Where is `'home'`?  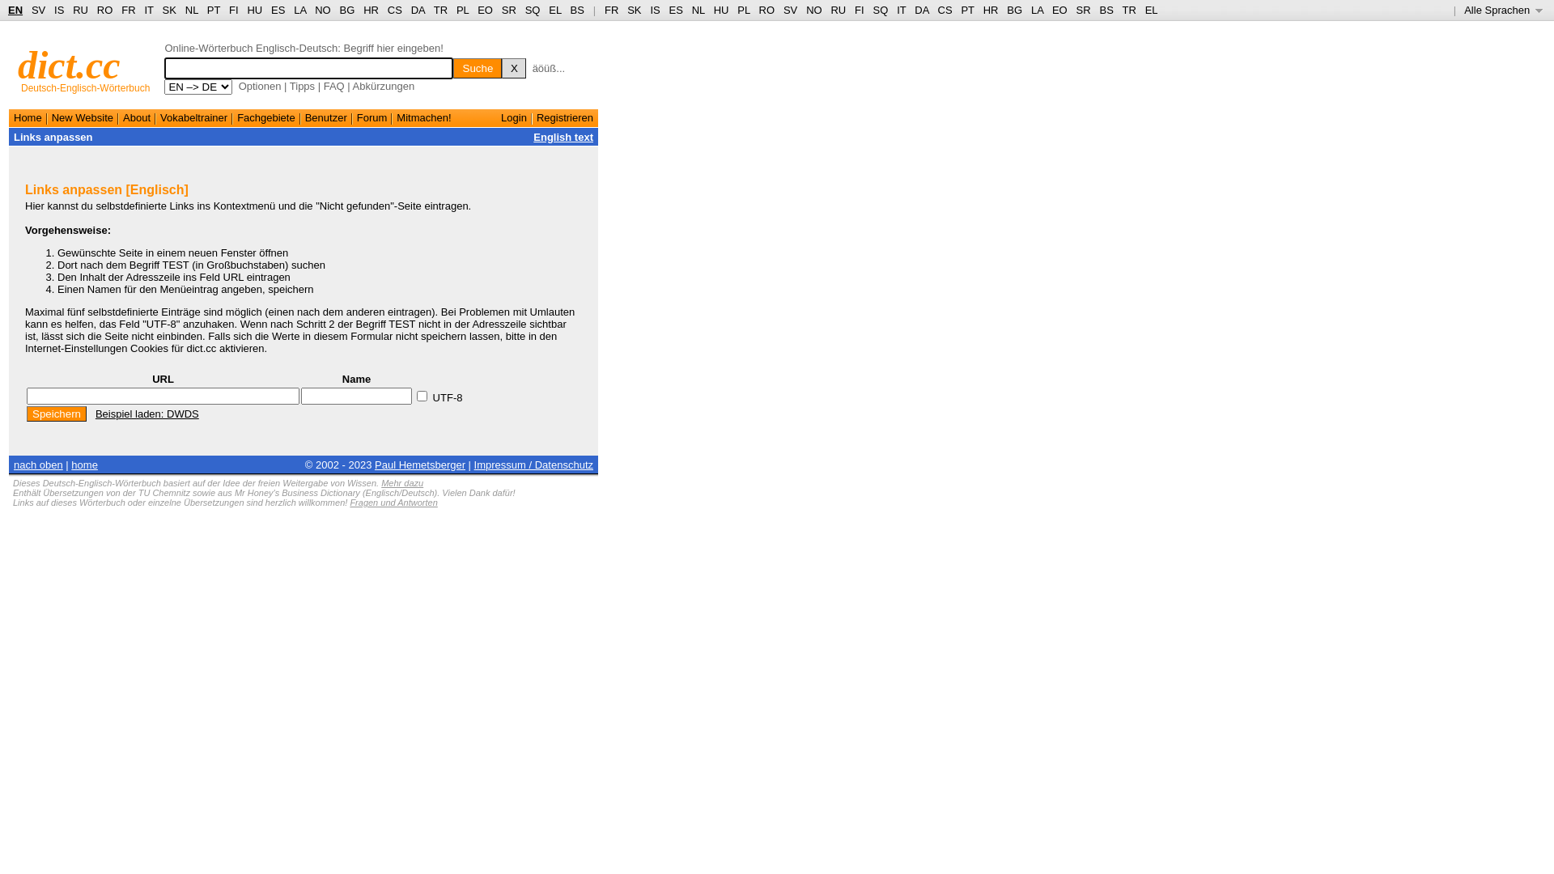
'home' is located at coordinates (70, 464).